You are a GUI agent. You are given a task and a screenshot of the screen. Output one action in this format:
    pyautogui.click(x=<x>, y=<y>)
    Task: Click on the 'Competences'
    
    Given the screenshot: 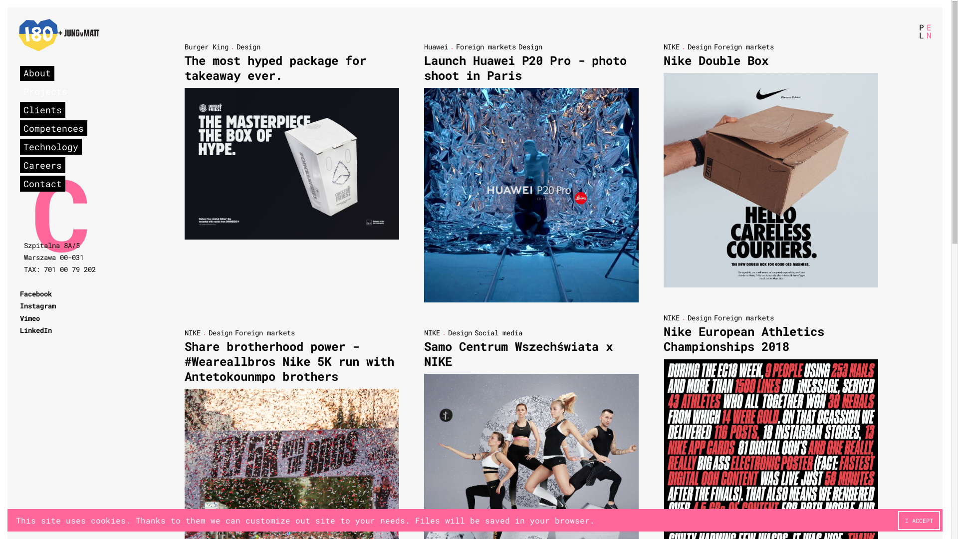 What is the action you would take?
    pyautogui.click(x=53, y=128)
    